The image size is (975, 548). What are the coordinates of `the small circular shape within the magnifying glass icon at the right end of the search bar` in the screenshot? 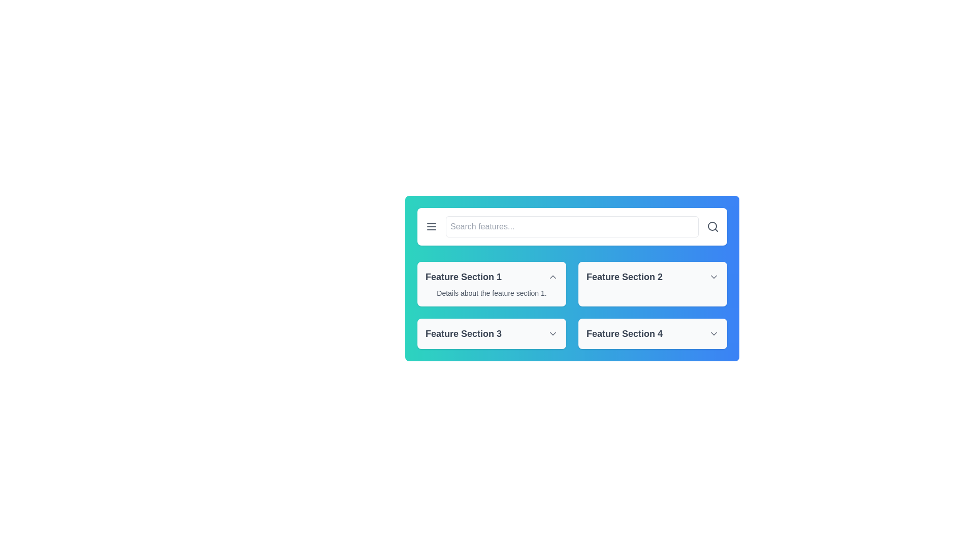 It's located at (711, 226).